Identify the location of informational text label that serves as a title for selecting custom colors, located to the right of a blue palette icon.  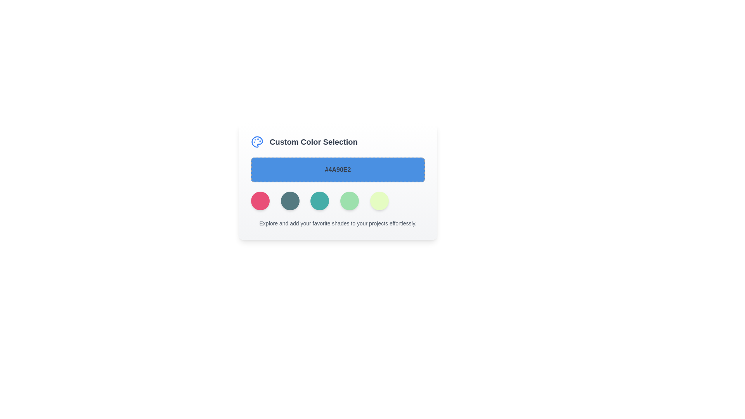
(314, 142).